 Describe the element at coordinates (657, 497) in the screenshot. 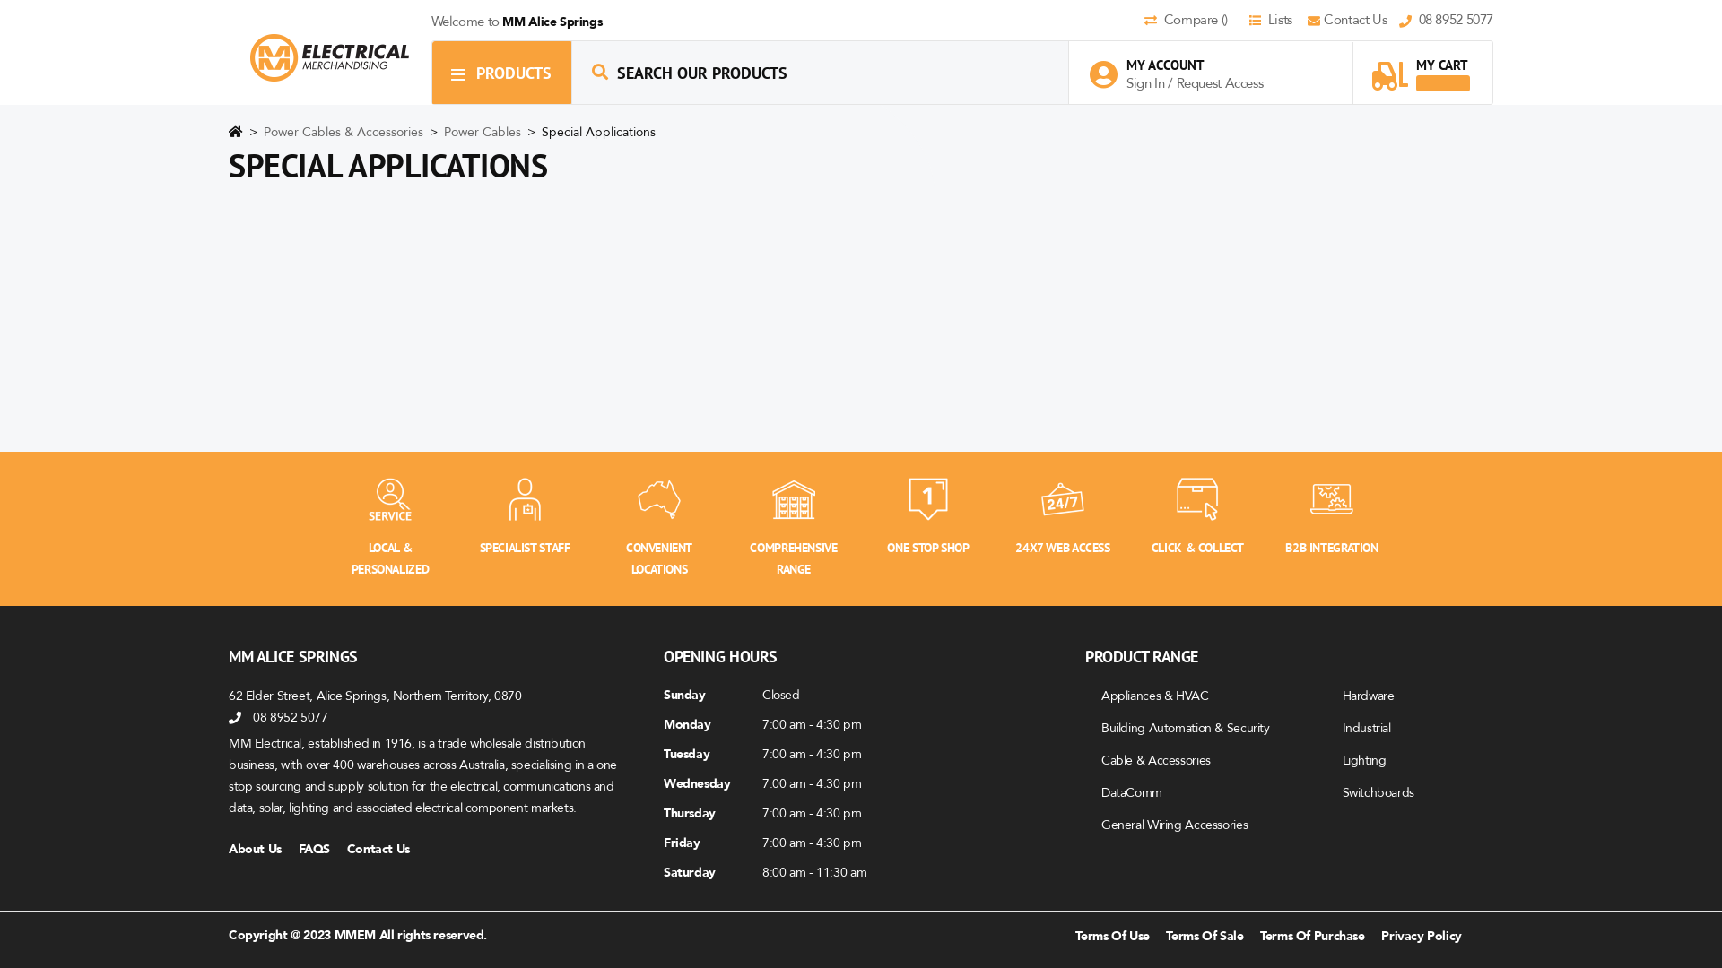

I see `'Convenient locations'` at that location.